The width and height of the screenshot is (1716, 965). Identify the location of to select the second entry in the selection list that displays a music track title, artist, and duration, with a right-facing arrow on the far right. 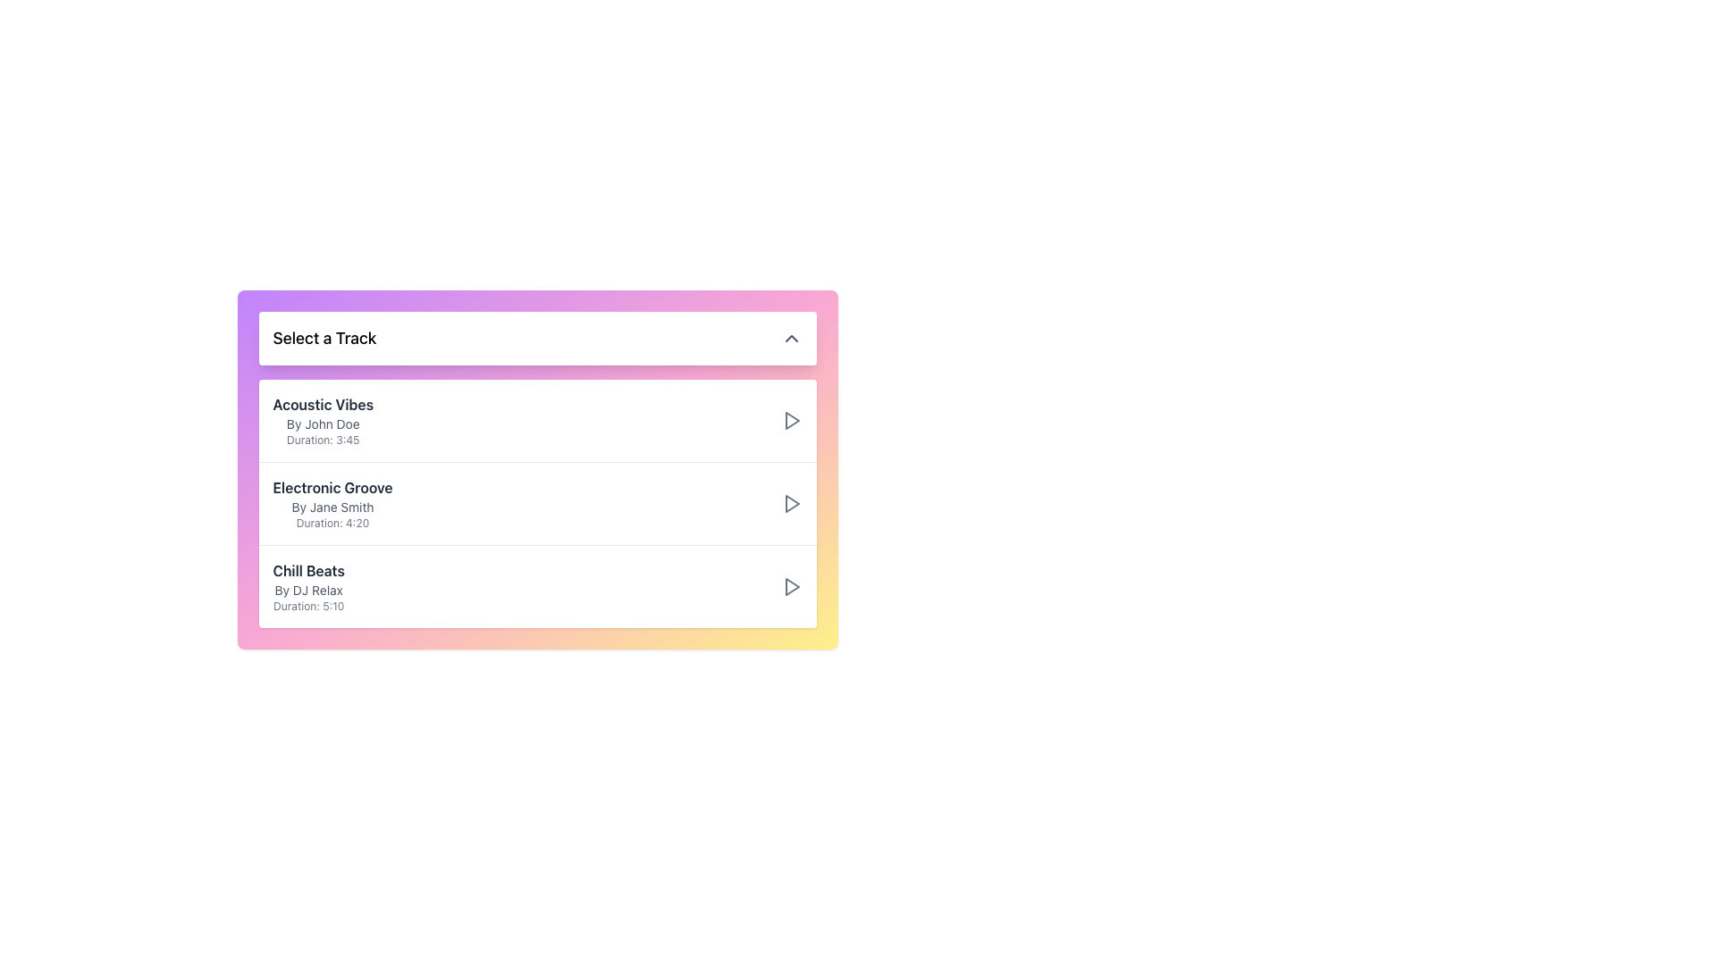
(536, 503).